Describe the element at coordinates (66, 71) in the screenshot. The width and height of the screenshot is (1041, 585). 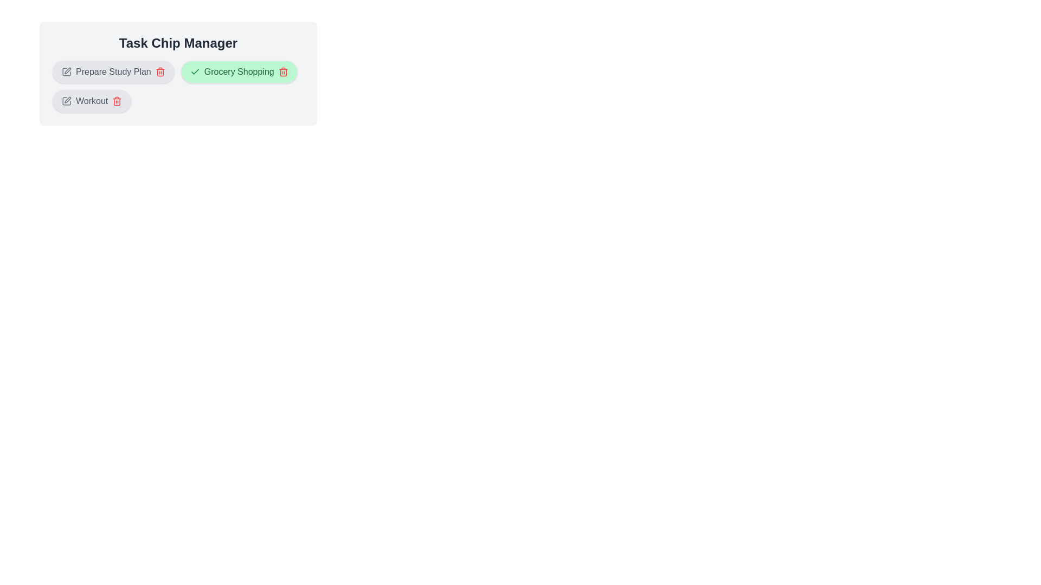
I see `the gray pencil icon button to initiate editing for the 'Prepare Study Plan' feature` at that location.